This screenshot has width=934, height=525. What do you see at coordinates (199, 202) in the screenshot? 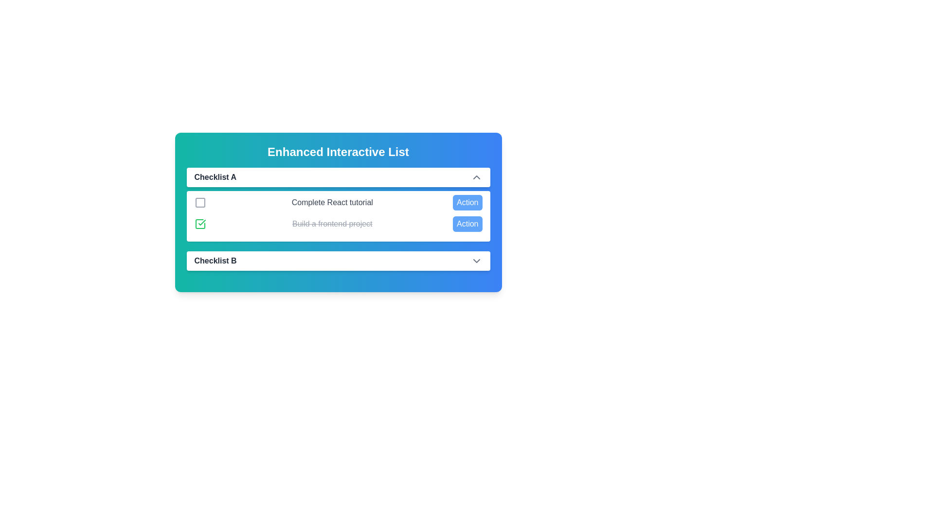
I see `the checkbox or status indicator located to the left of the text 'Complete React tutorial' in the checklist under 'Checklist A'` at bounding box center [199, 202].